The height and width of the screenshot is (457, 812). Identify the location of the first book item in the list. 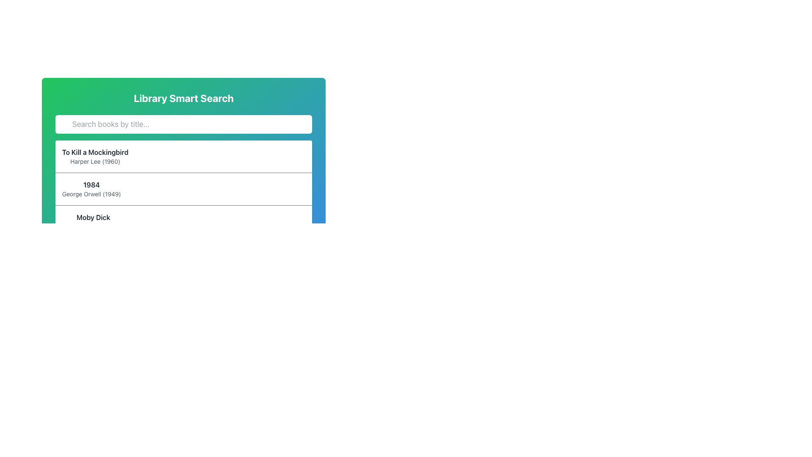
(183, 157).